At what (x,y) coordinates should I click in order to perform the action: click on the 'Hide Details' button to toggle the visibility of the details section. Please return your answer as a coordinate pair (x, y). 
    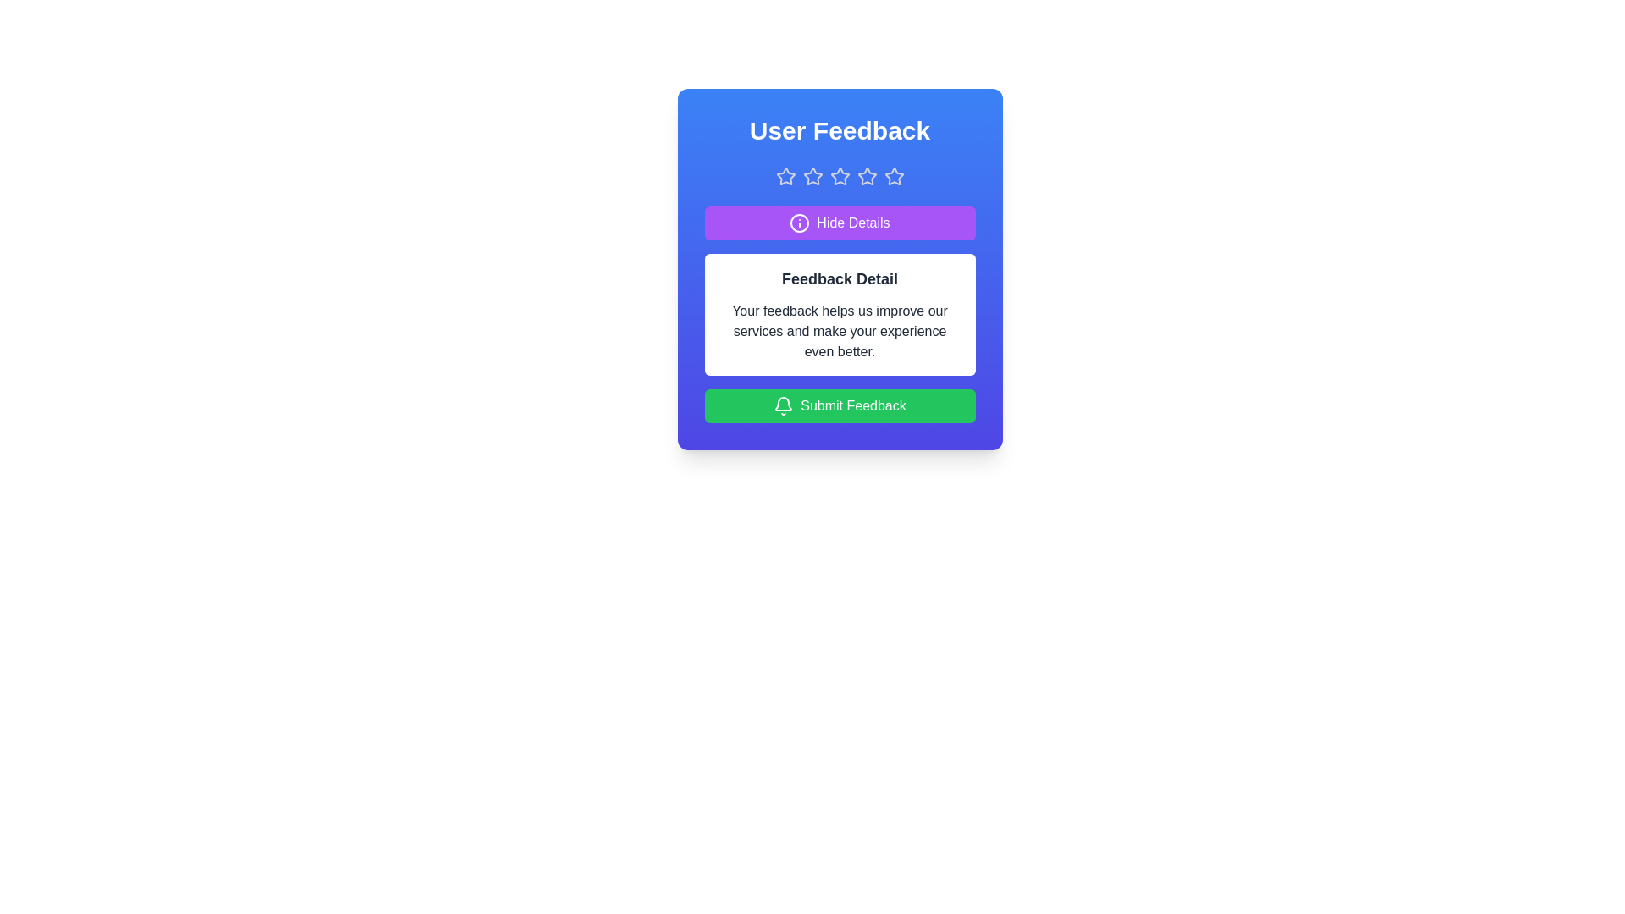
    Looking at the image, I should click on (840, 222).